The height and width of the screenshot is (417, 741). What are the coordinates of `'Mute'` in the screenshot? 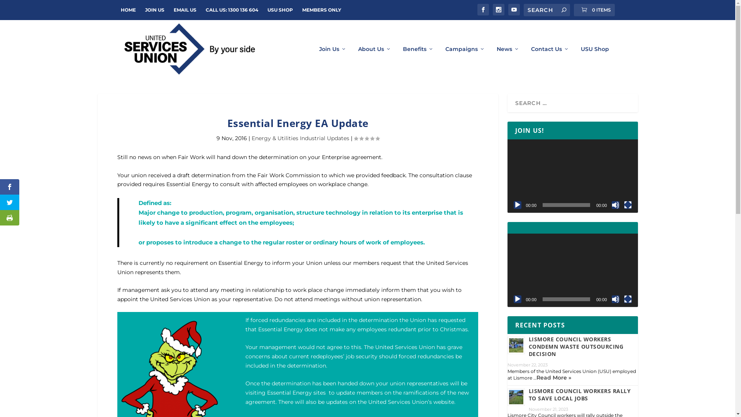 It's located at (614, 299).